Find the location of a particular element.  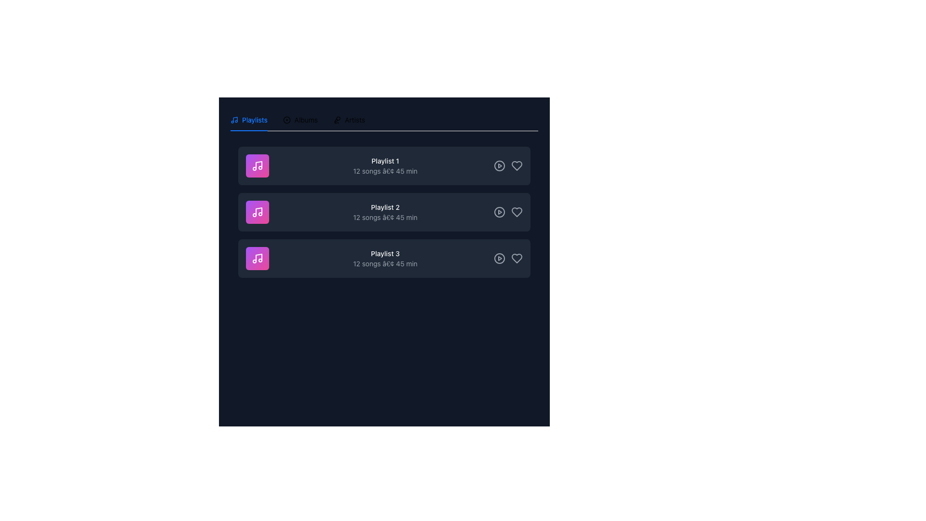

the play and heart icons in the Composite element located to the right of 'Playlist 3' in the third playlist card is located at coordinates (508, 258).